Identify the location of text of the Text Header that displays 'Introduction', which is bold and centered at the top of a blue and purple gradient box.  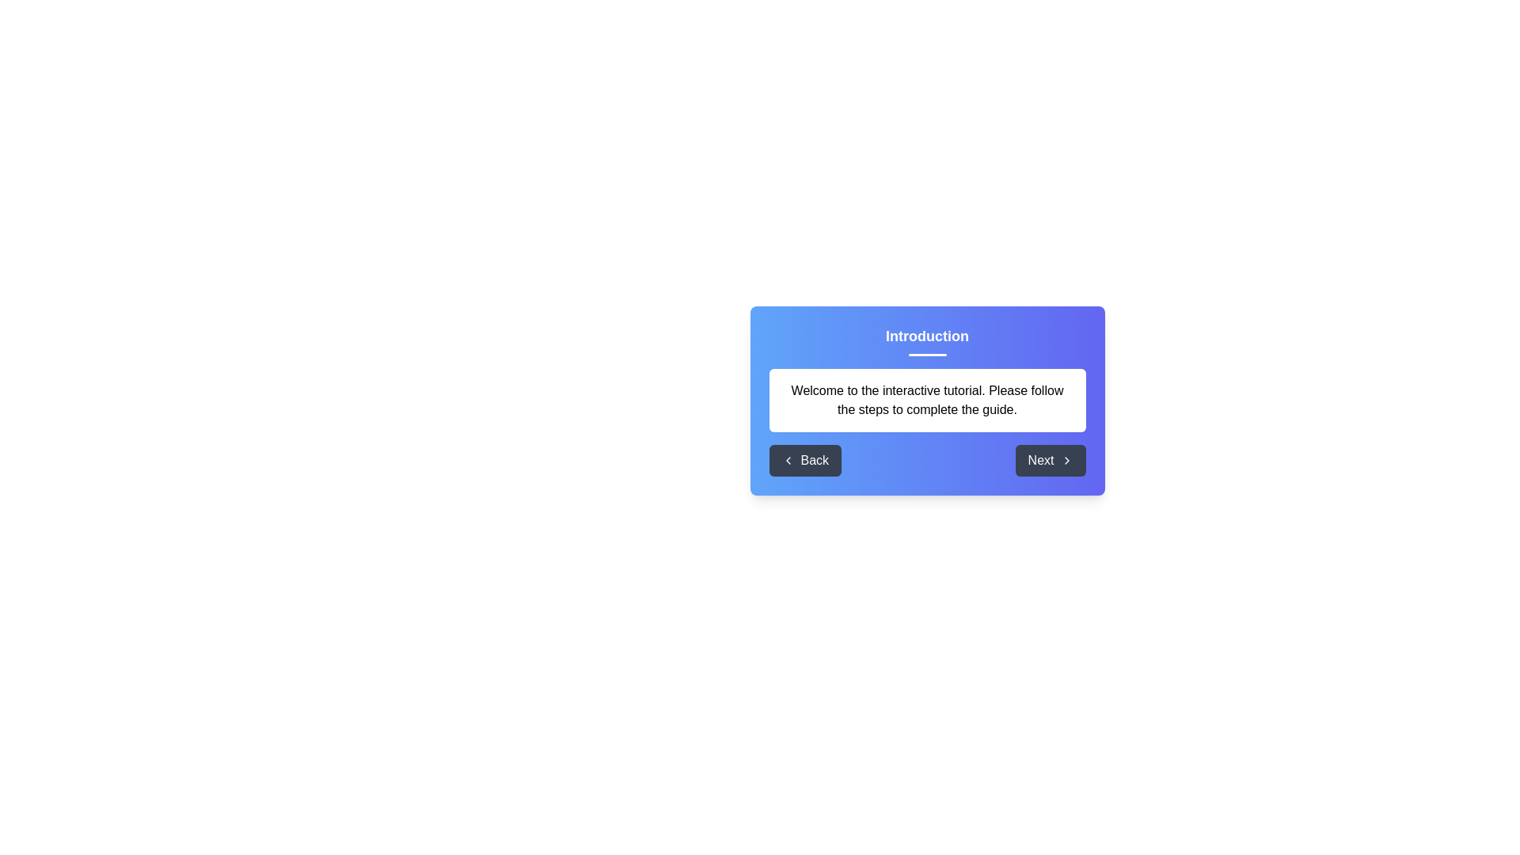
(927, 340).